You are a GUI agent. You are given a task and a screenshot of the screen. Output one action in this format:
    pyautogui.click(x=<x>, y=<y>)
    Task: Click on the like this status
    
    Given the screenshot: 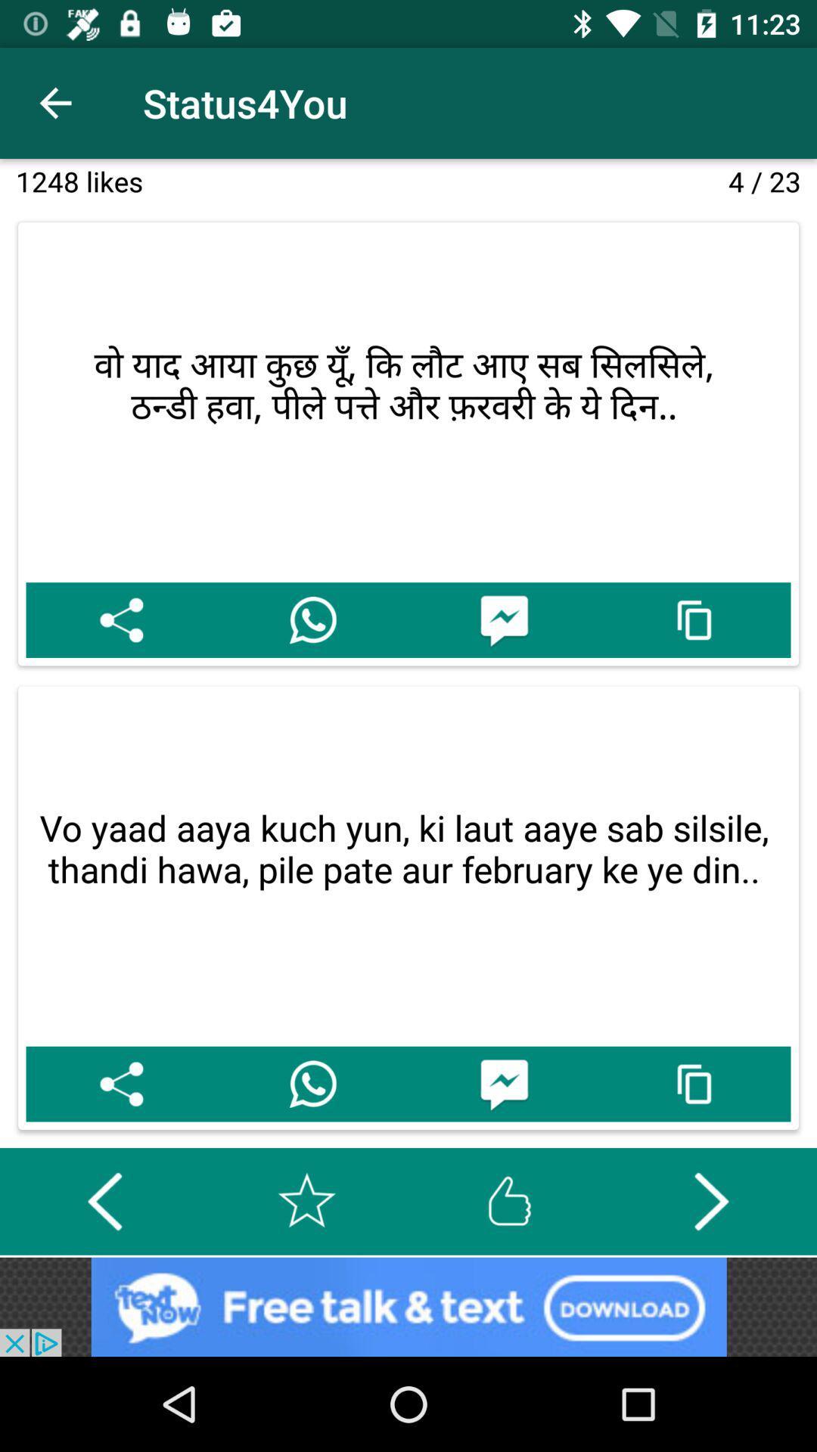 What is the action you would take?
    pyautogui.click(x=509, y=1200)
    